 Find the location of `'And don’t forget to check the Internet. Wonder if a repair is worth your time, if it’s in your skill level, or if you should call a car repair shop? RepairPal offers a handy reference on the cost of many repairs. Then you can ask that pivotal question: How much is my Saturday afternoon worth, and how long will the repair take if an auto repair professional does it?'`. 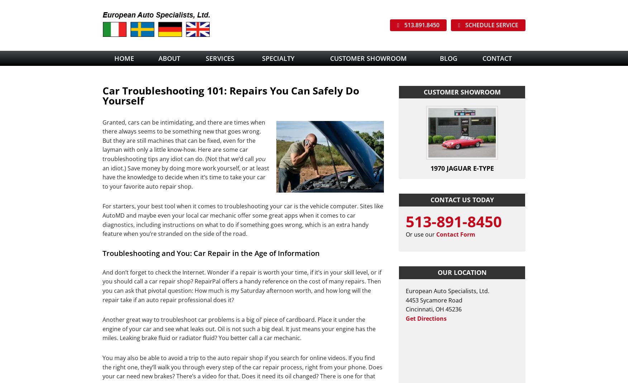

'And don’t forget to check the Internet. Wonder if a repair is worth your time, if it’s in your skill level, or if you should call a car repair shop? RepairPal offers a handy reference on the cost of many repairs. Then you can ask that pivotal question: How much is my Saturday afternoon worth, and how long will the repair take if an auto repair professional does it?' is located at coordinates (242, 285).